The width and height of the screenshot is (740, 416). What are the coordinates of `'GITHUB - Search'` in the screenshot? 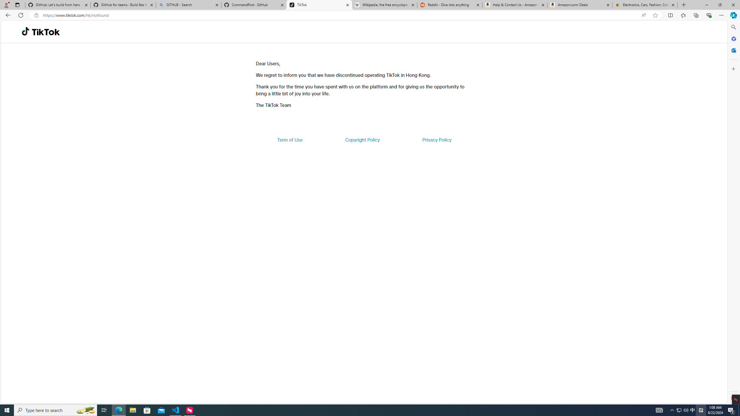 It's located at (188, 5).